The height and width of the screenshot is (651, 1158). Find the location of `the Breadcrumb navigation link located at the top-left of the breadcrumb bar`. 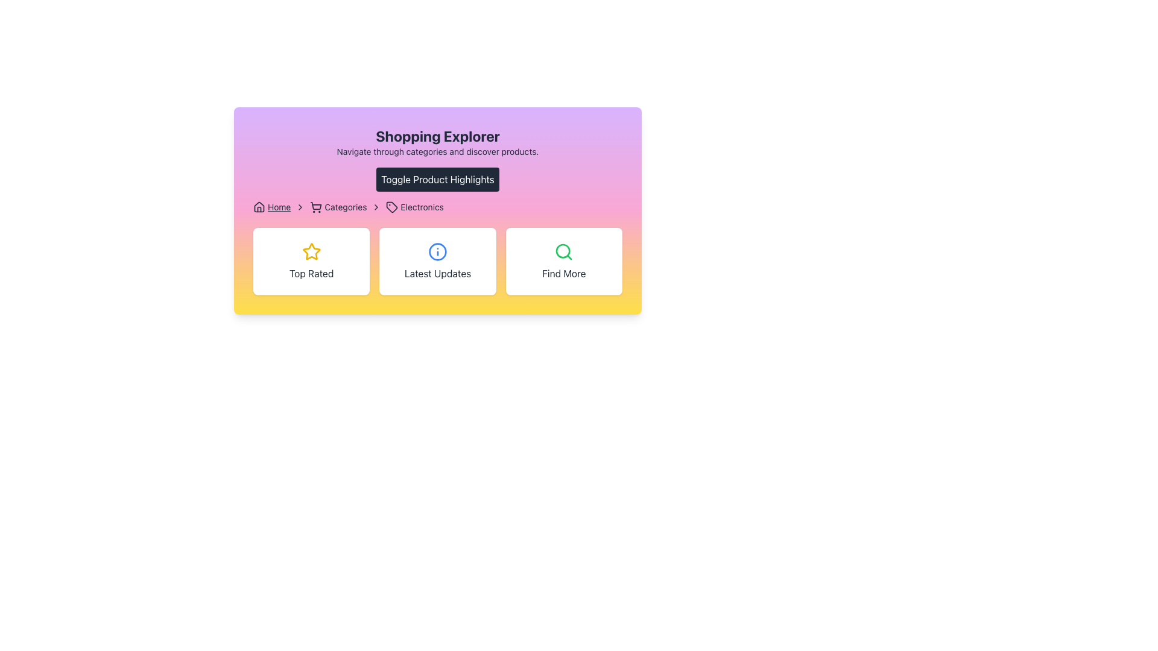

the Breadcrumb navigation link located at the top-left of the breadcrumb bar is located at coordinates (271, 206).